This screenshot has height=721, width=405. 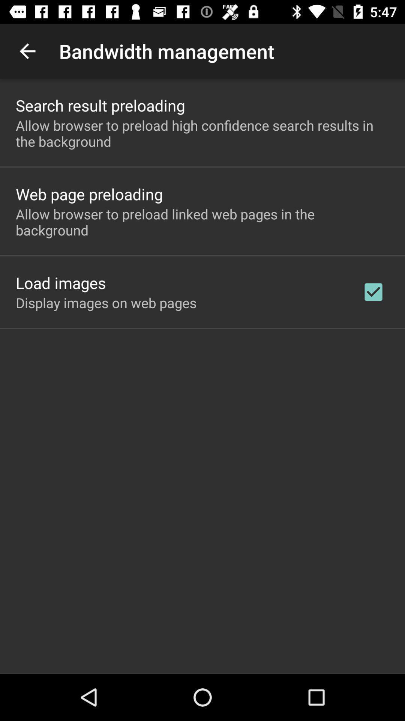 I want to click on the web page preloading item, so click(x=89, y=194).